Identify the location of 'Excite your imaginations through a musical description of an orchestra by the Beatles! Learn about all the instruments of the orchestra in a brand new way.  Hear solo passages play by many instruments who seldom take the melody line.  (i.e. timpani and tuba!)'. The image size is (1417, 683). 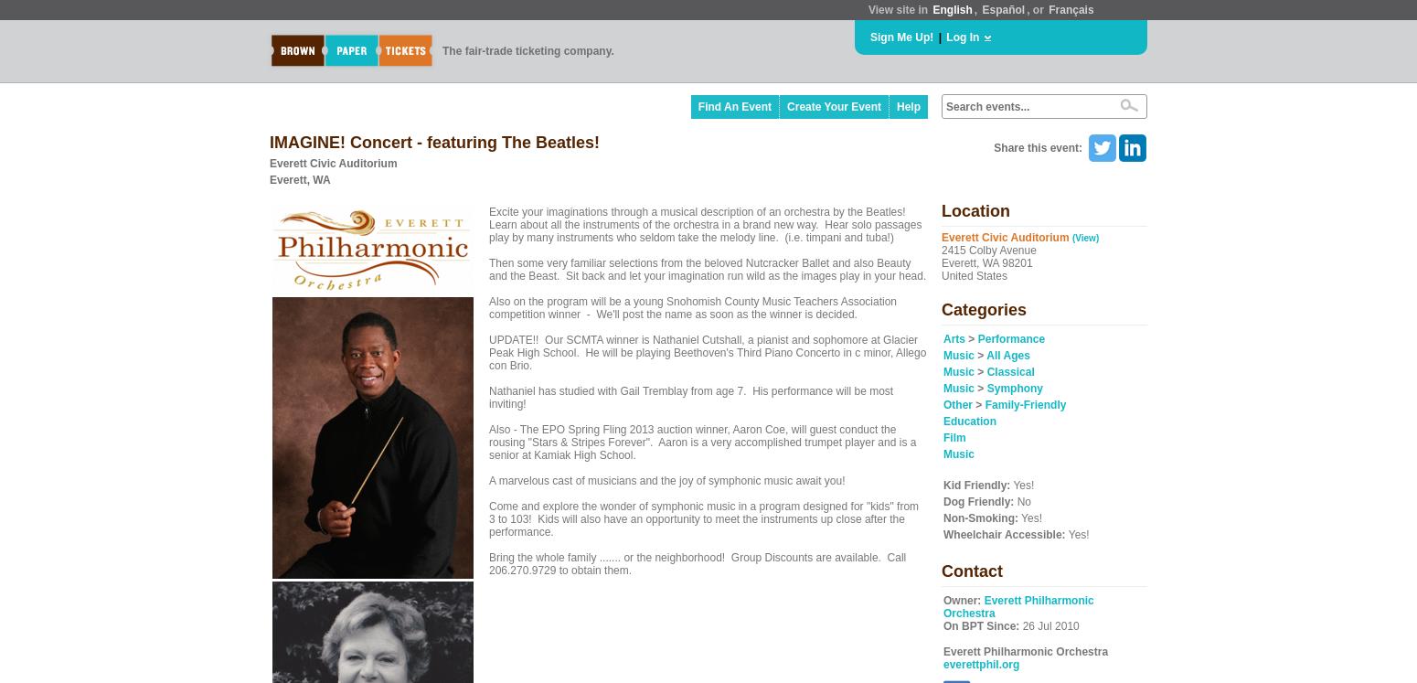
(705, 223).